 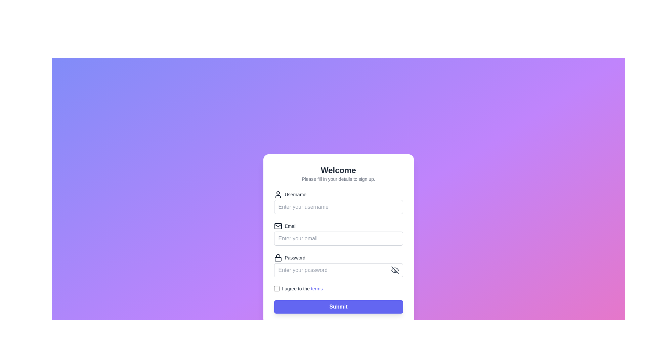 I want to click on the 'Submit' button, which is a rectangular button with a gradient background and bold white text, located at the bottom of the form, so click(x=338, y=307).